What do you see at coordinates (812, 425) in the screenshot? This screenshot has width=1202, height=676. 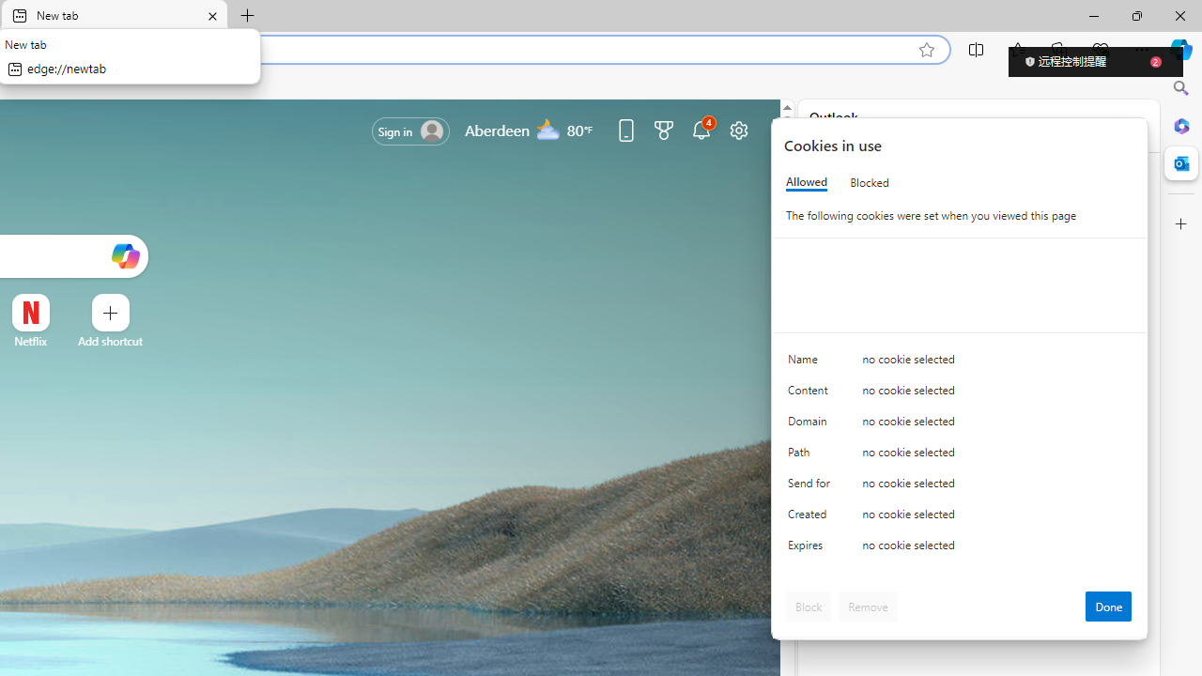 I see `'Domain'` at bounding box center [812, 425].